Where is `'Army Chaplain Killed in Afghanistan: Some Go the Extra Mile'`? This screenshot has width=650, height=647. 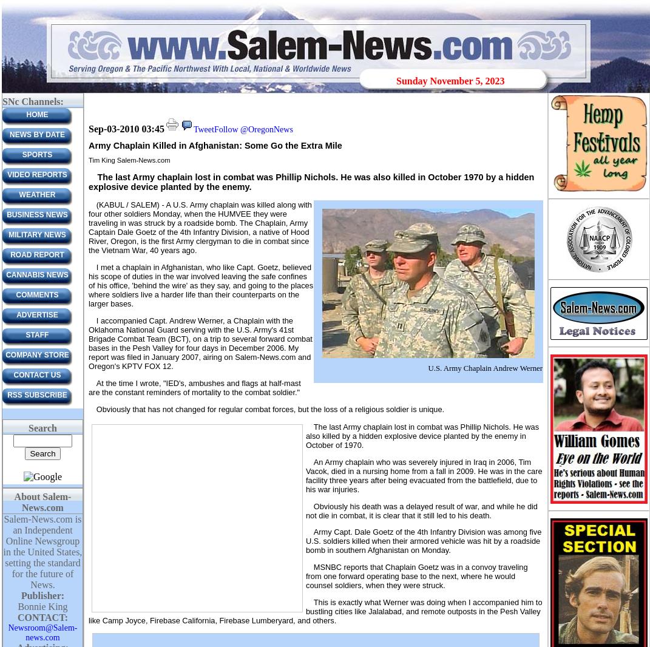
'Army Chaplain Killed in Afghanistan: Some Go the Extra Mile' is located at coordinates (214, 144).